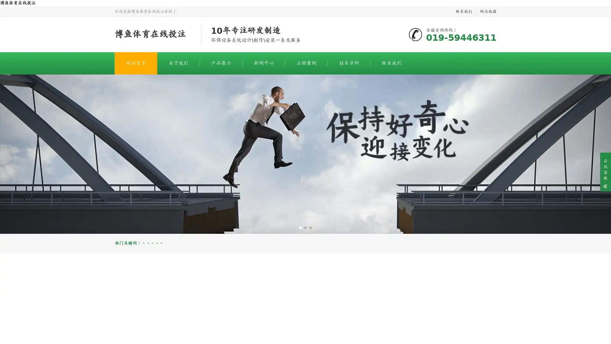 The height and width of the screenshot is (344, 611). Describe the element at coordinates (300, 227) in the screenshot. I see `Go to slide 1` at that location.